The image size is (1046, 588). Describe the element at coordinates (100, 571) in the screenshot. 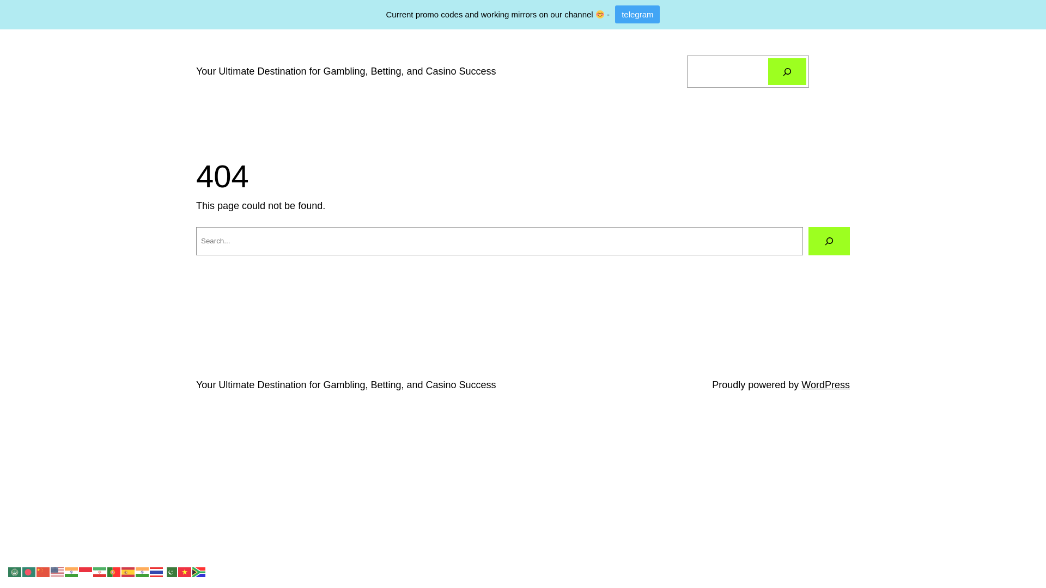

I see `'Persian'` at that location.